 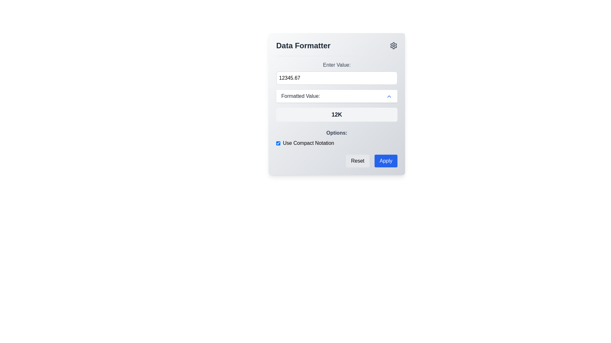 What do you see at coordinates (386, 160) in the screenshot?
I see `the 'Apply' button` at bounding box center [386, 160].